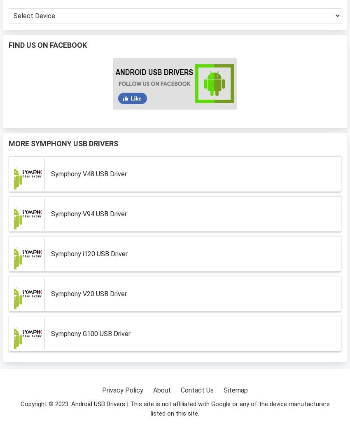 The image size is (350, 430). I want to click on 'Symphony V48 USB Driver', so click(89, 173).